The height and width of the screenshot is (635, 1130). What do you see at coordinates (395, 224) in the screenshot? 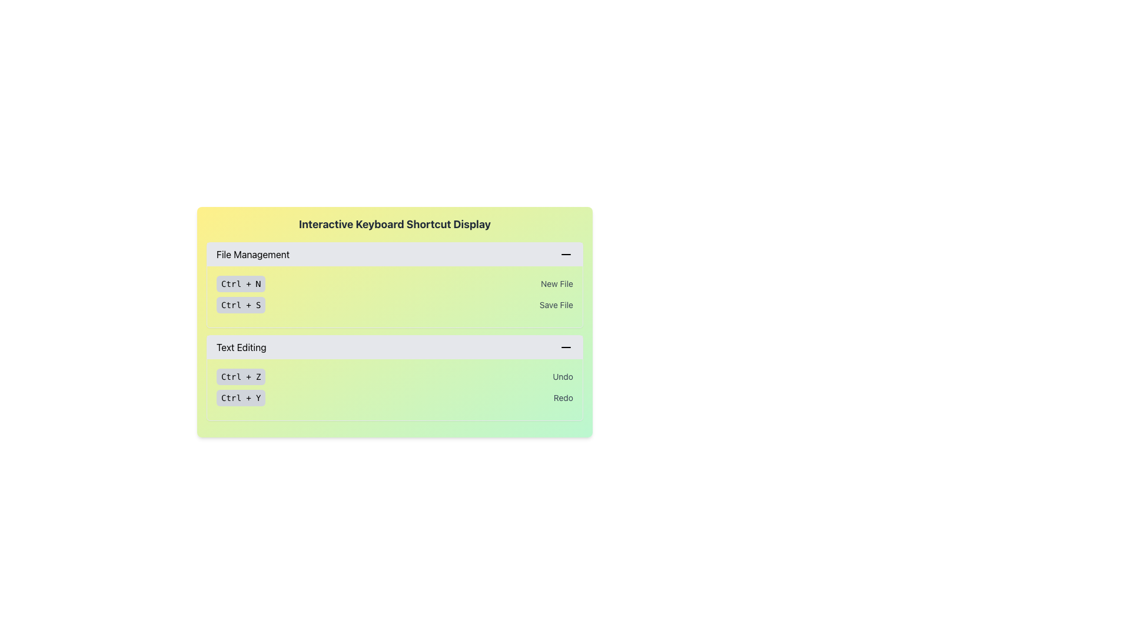
I see `the text label that serves as a header for the card indicating keyboard shortcuts, located at the top of the section above 'File Management'` at bounding box center [395, 224].